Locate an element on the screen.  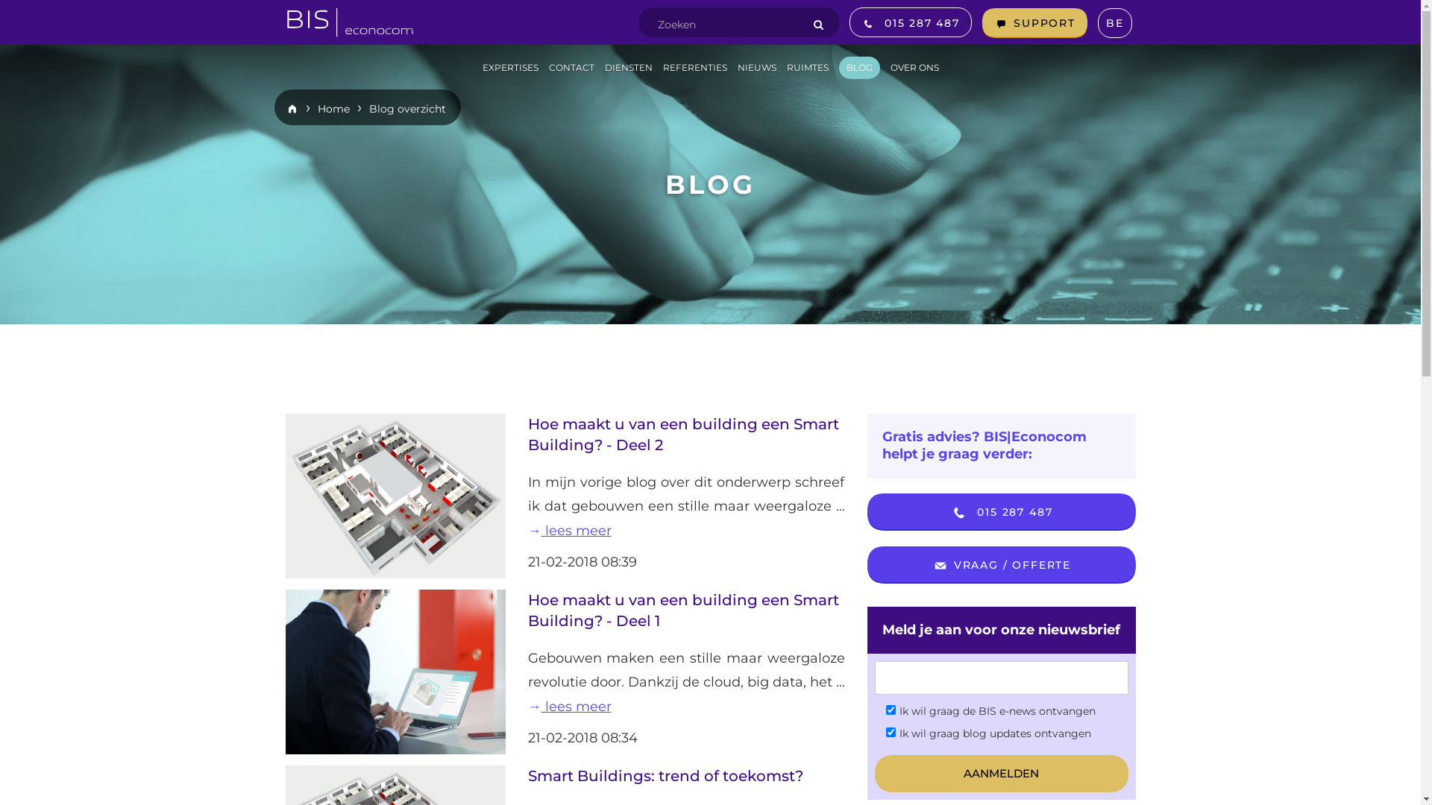
'Blog overzicht' is located at coordinates (406, 108).